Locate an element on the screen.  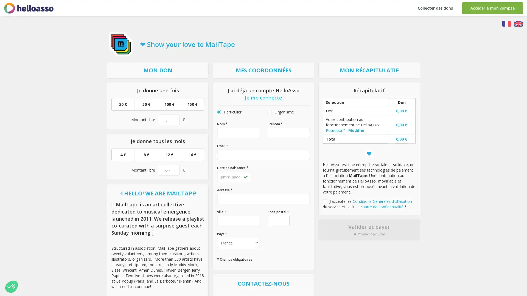
Tout accepter is located at coordinates (101, 268).